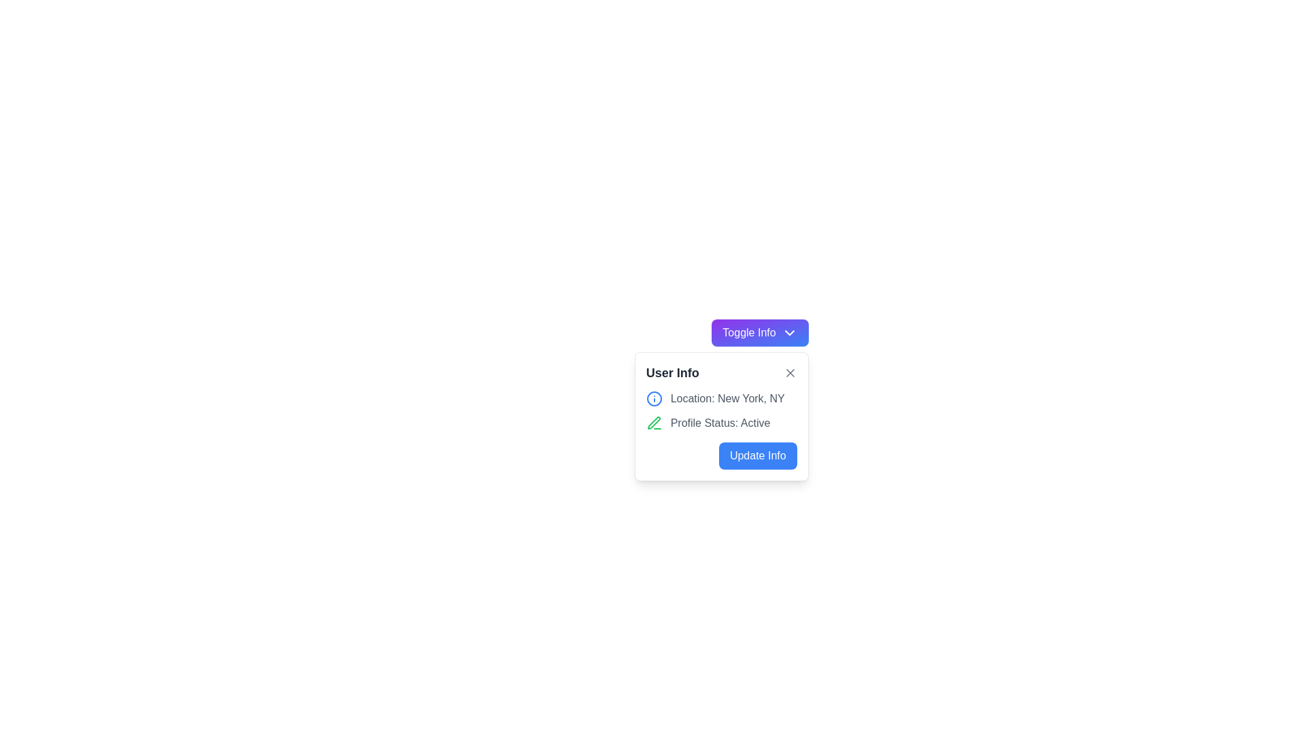  I want to click on the Close button (SVG Icon), which is a small gray 'X' icon located at the top-right corner of the 'User Info' card, so click(790, 372).